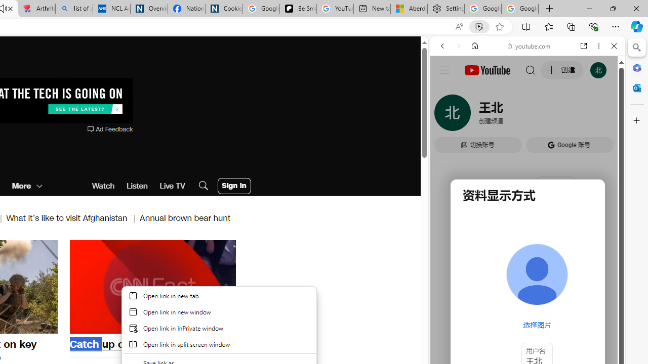 The width and height of the screenshot is (648, 364). What do you see at coordinates (409, 9) in the screenshot?
I see `'Aberdeen, Hong Kong SAR hourly forecast | Microsoft Weather'` at bounding box center [409, 9].